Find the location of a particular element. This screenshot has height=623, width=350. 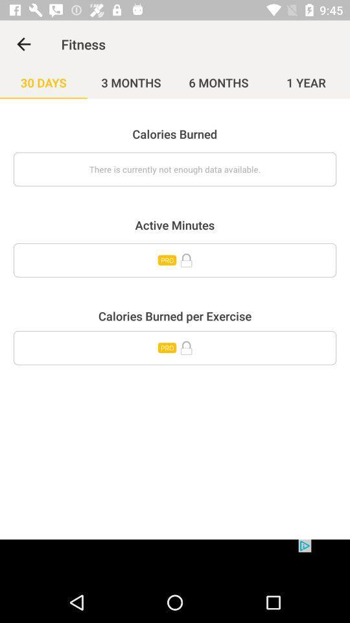

icon below the active minutes item is located at coordinates (175, 260).